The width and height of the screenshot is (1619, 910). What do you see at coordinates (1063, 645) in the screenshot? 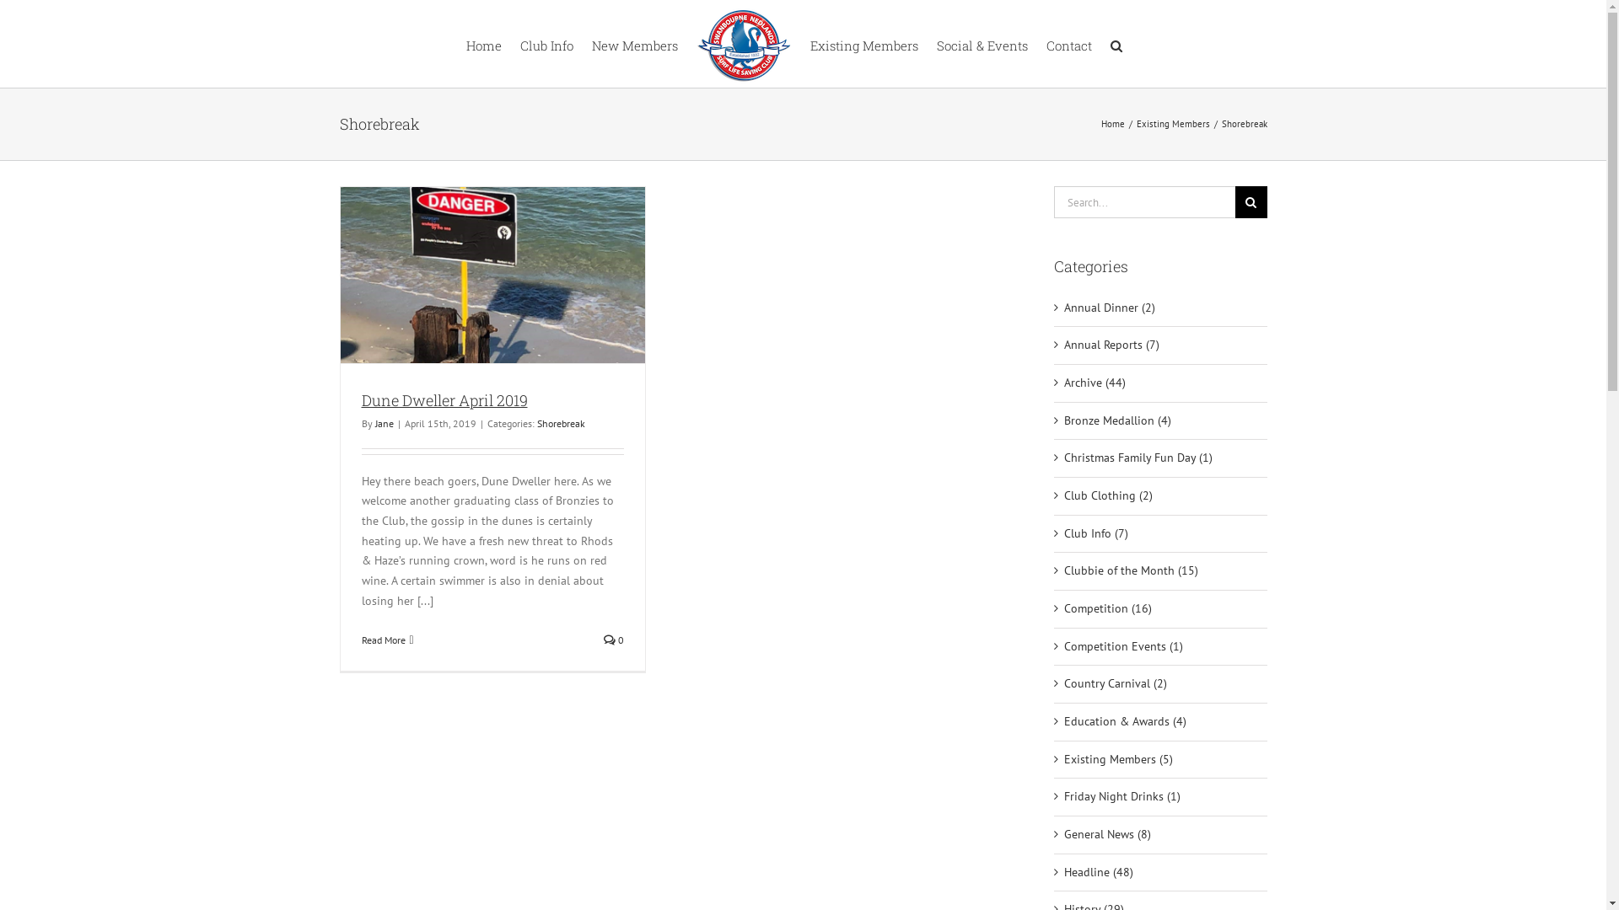
I see `'Competition Events (1)'` at bounding box center [1063, 645].